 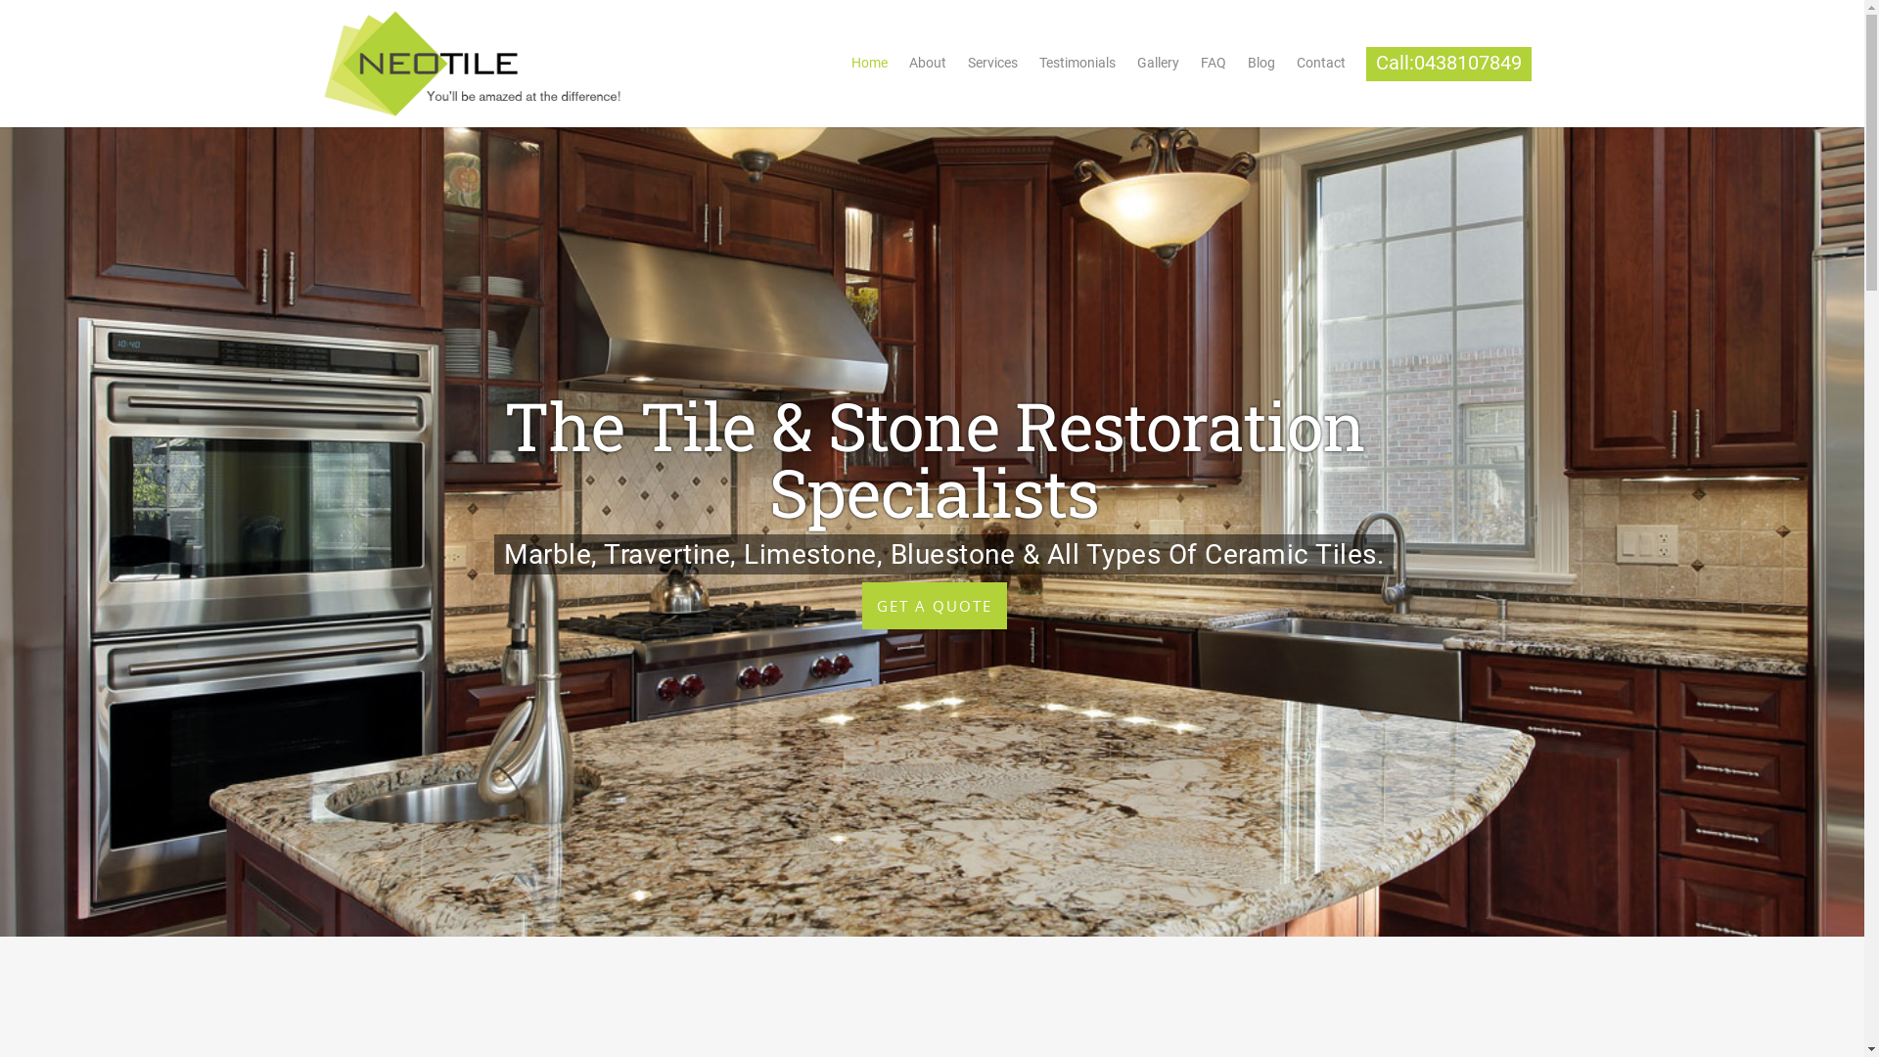 What do you see at coordinates (1261, 67) in the screenshot?
I see `'Blog'` at bounding box center [1261, 67].